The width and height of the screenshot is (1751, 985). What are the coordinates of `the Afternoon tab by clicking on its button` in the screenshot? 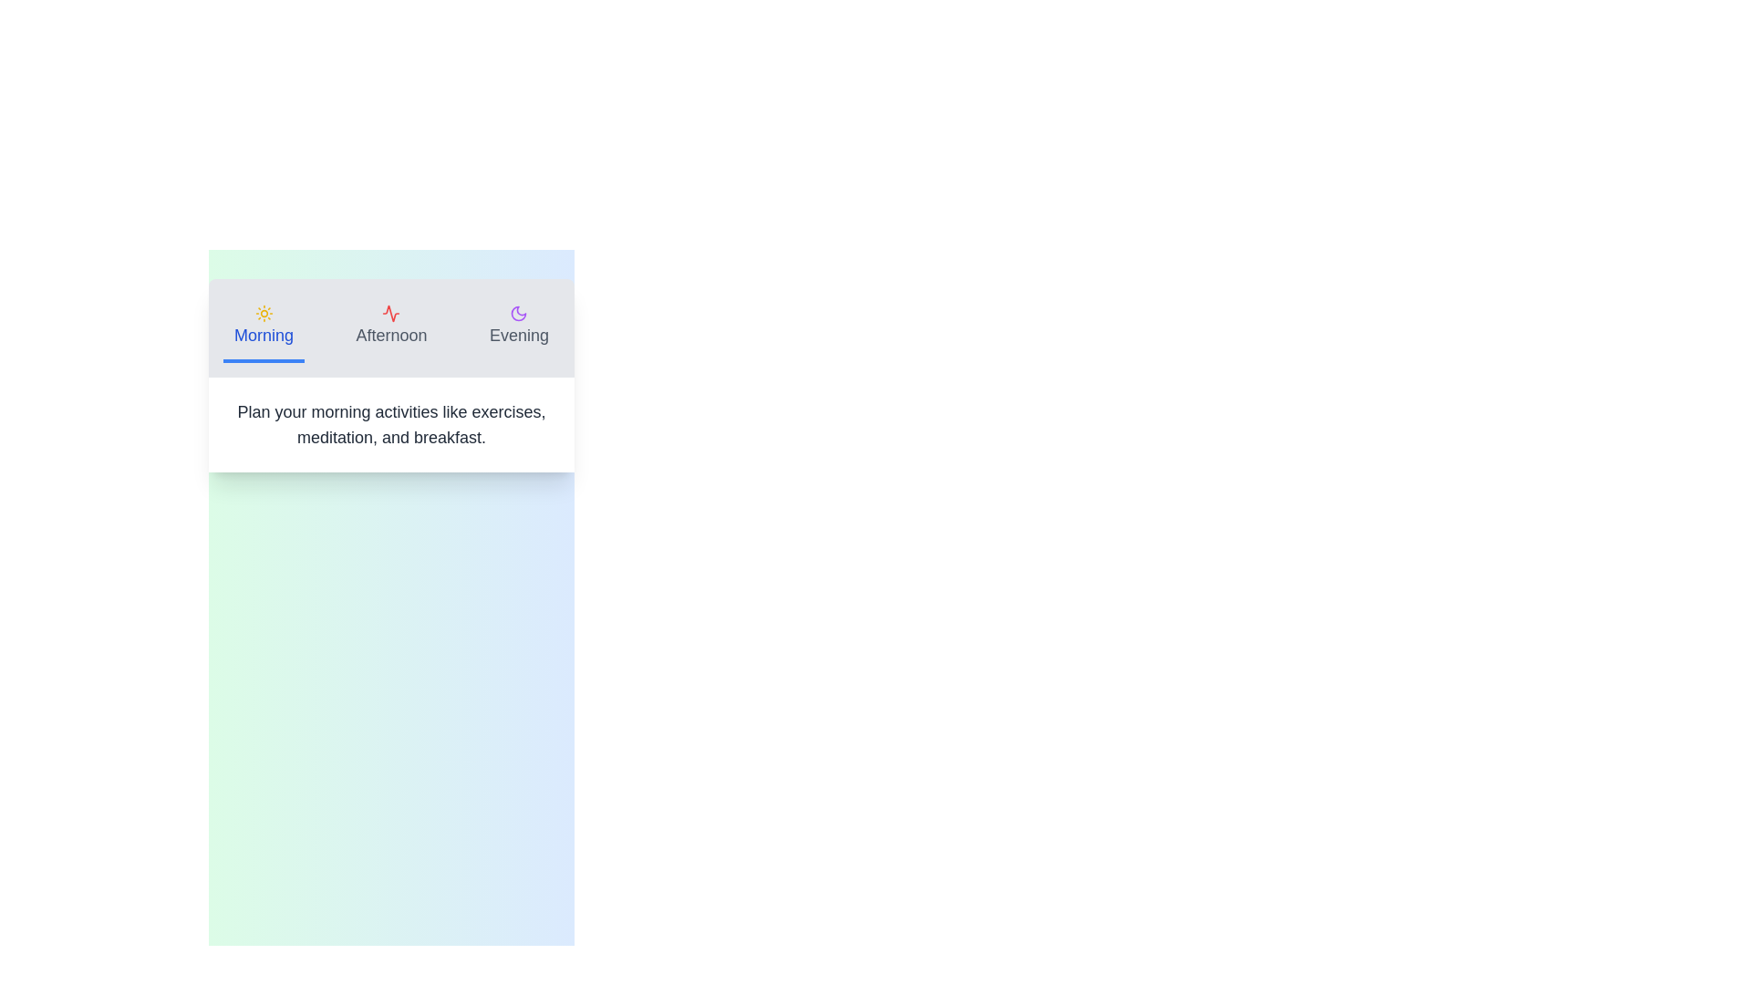 It's located at (390, 327).